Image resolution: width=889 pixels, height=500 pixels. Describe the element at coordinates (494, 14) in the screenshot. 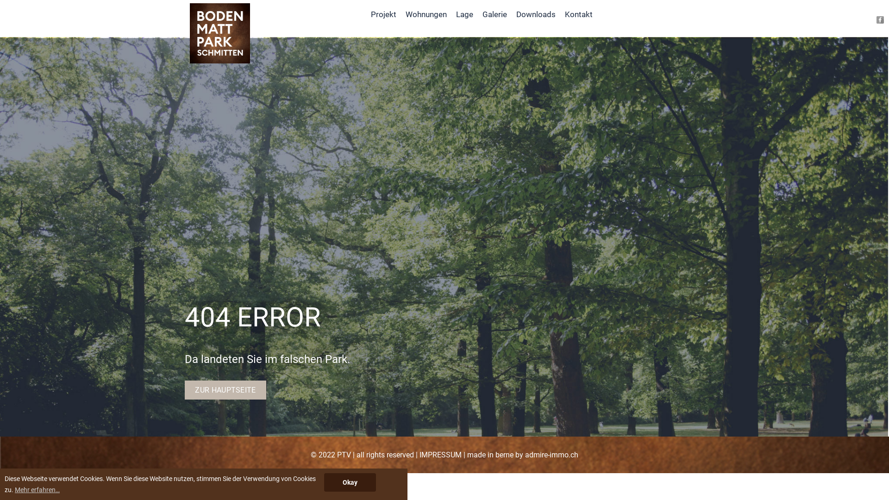

I see `'Galerie'` at that location.